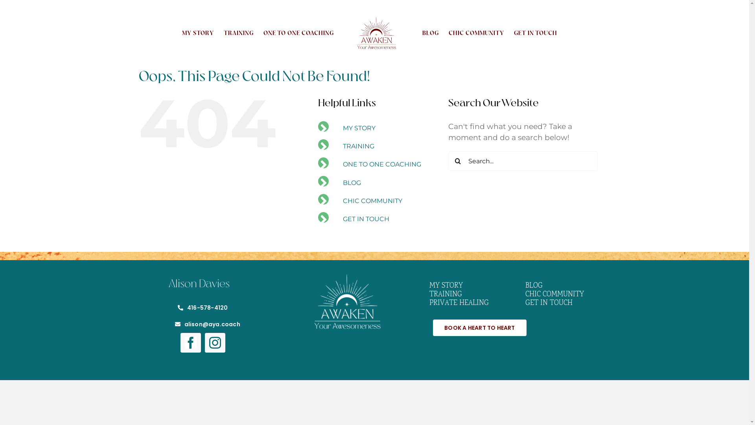 This screenshot has width=755, height=425. What do you see at coordinates (476, 31) in the screenshot?
I see `'CHIC COMMUNITY'` at bounding box center [476, 31].